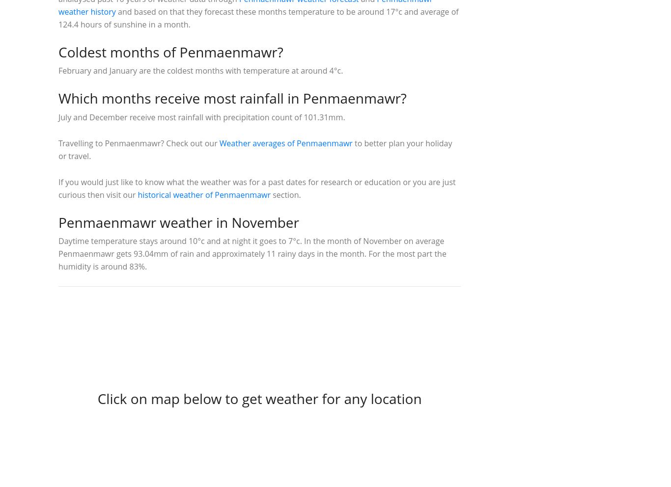 This screenshot has width=671, height=487. I want to click on 'Travelling to Penmaenmawr? Check out our', so click(57, 142).